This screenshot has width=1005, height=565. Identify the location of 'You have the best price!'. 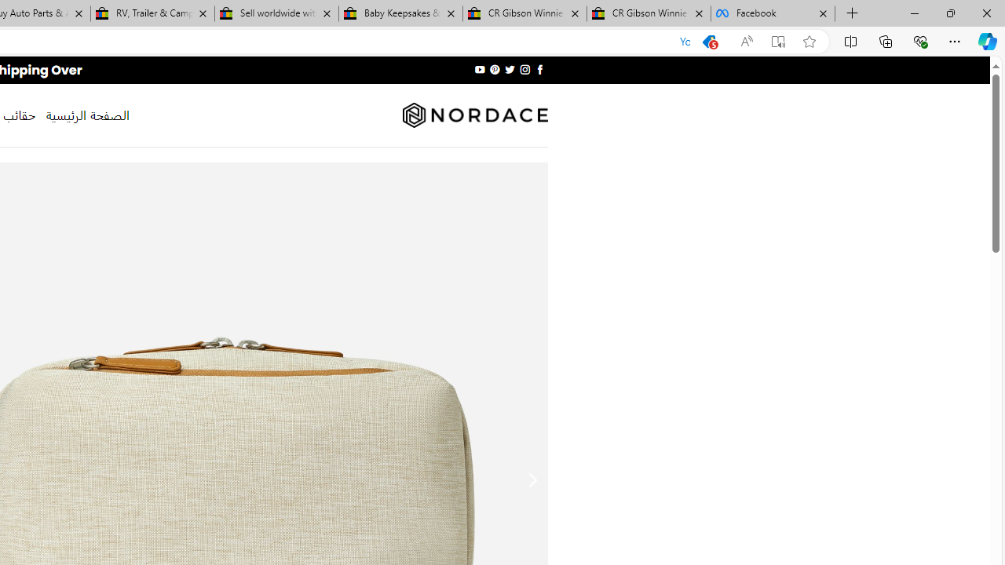
(708, 41).